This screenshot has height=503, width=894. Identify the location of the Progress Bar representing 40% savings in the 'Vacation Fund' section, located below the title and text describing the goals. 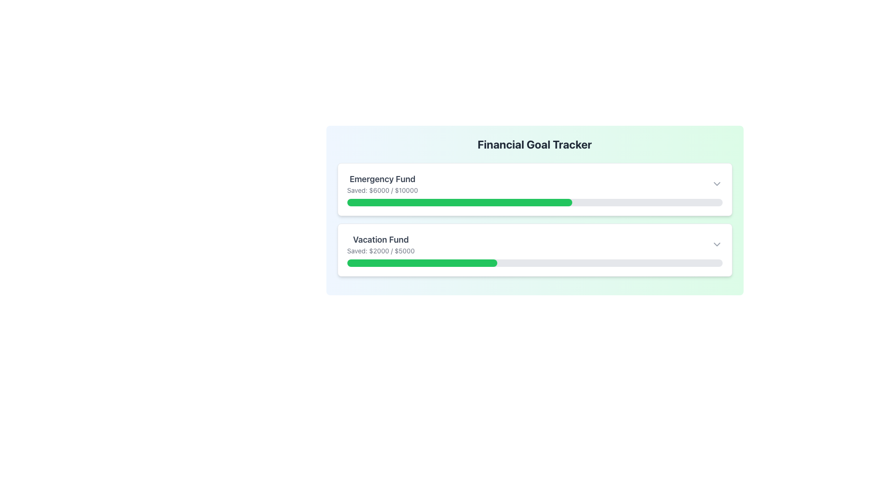
(535, 263).